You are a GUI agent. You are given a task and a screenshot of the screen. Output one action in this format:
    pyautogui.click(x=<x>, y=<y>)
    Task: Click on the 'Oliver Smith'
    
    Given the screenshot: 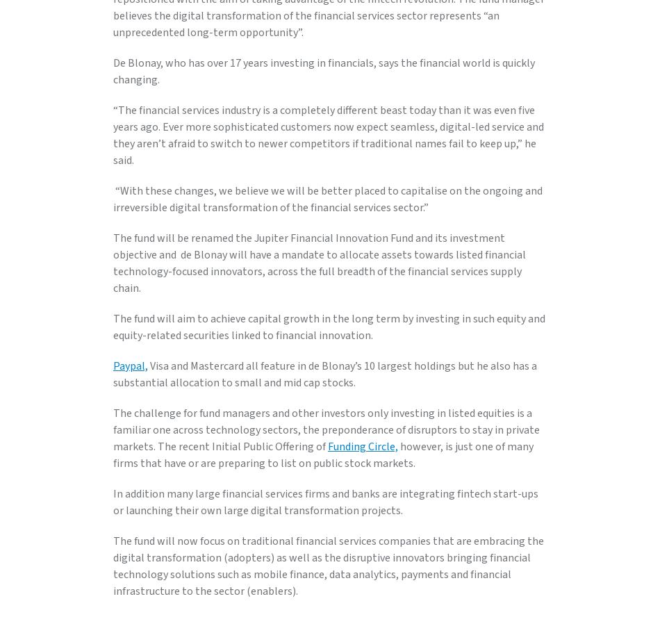 What is the action you would take?
    pyautogui.click(x=145, y=78)
    